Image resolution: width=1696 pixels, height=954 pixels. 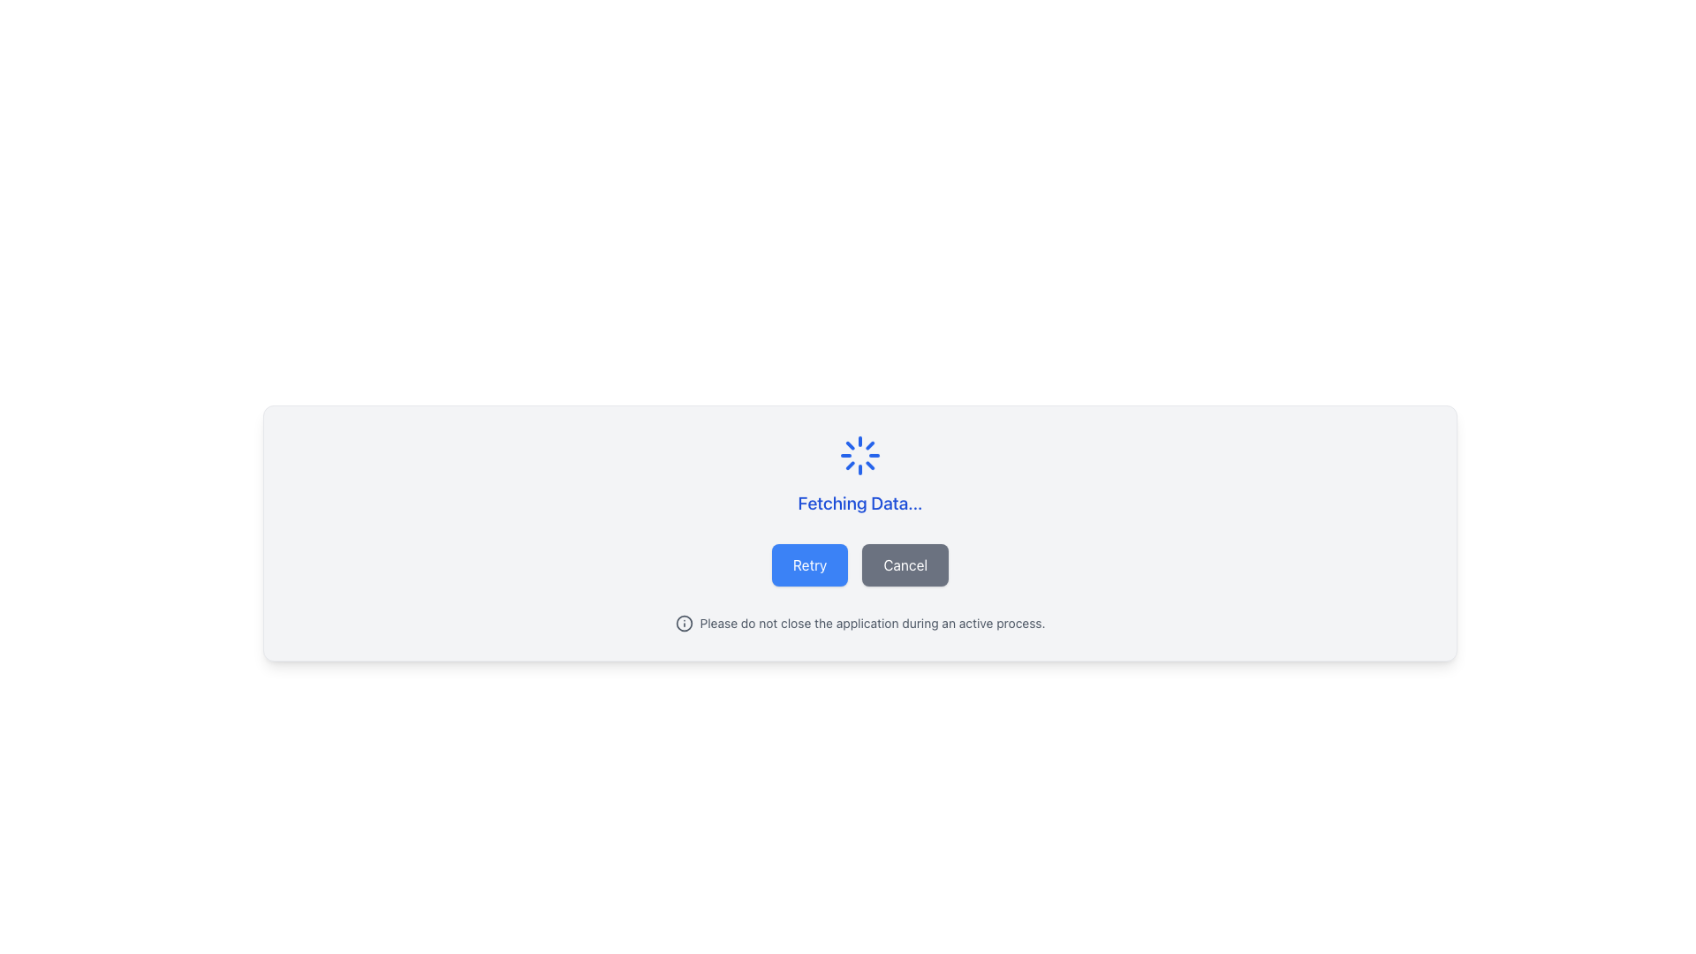 I want to click on the SVG Circle element that serves as the outermost circular boundary of a rounded icon, located between a text section and buttons, so click(x=683, y=622).